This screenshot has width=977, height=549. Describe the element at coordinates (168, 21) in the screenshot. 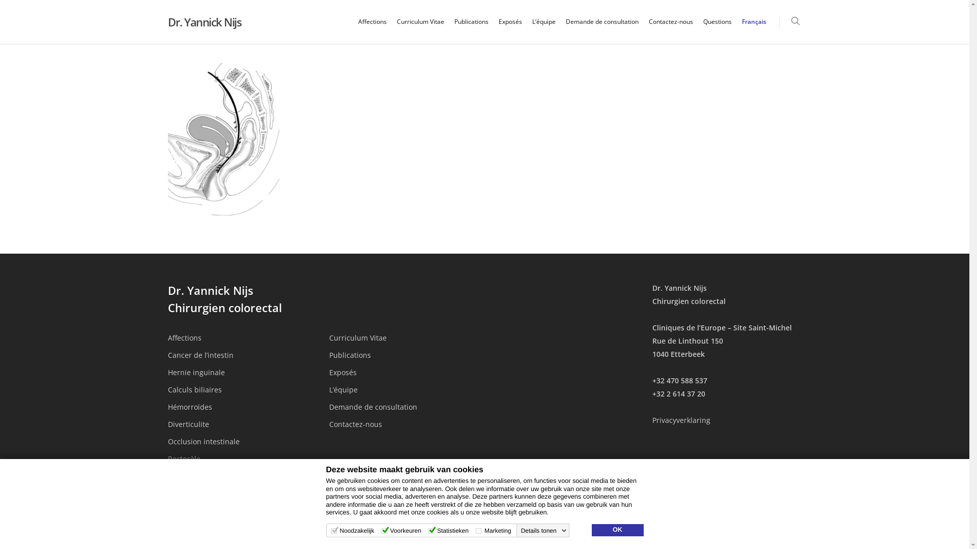

I see `'Dr. Yannick Nijs'` at that location.